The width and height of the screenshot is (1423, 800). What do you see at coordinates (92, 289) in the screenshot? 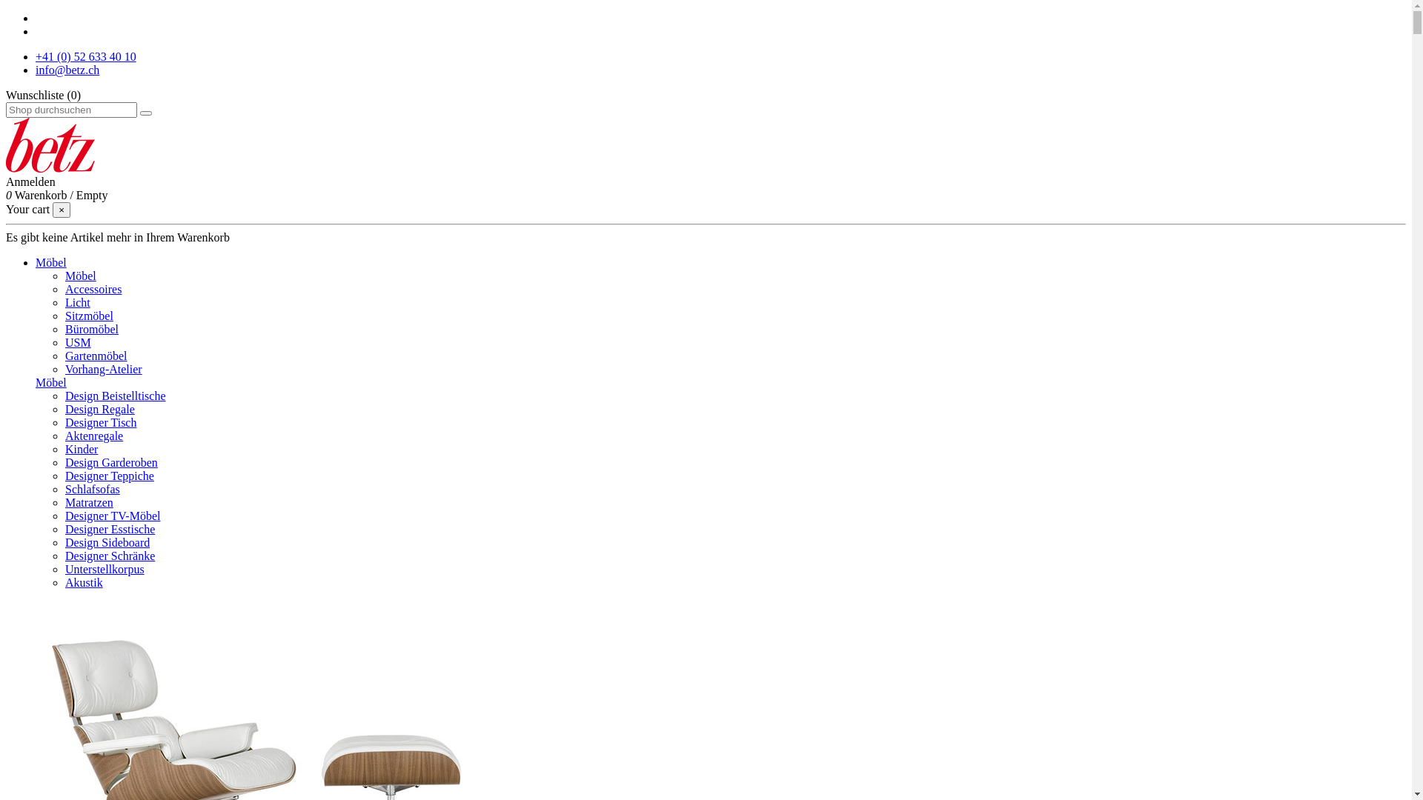
I see `'Accessoires'` at bounding box center [92, 289].